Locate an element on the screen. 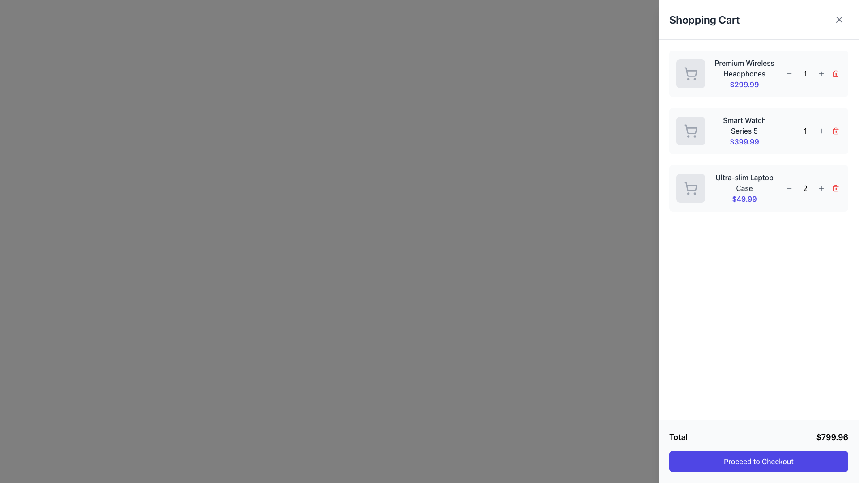 This screenshot has height=483, width=859. the text label displaying 'Ultra-slim Laptop Case' in the shopping cart interface, which is positioned above the price '$49.99' is located at coordinates (744, 182).